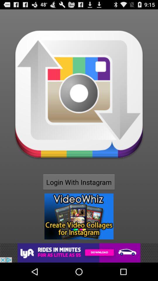 The height and width of the screenshot is (281, 158). Describe the element at coordinates (79, 253) in the screenshot. I see `advertisements image` at that location.